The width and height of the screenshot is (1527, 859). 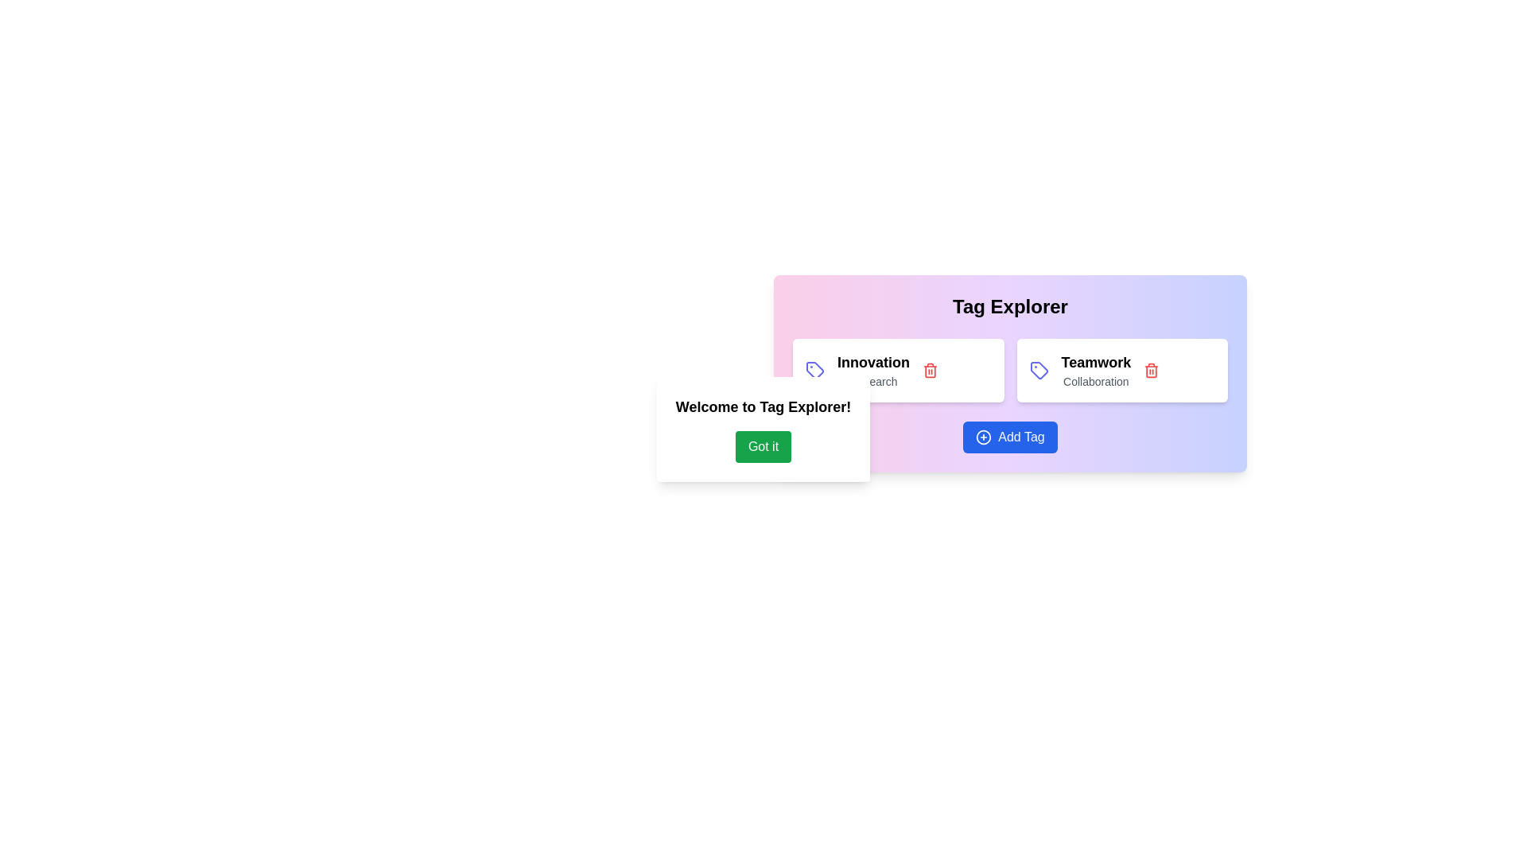 I want to click on the 'Research' text label, which is part of the card component in the 'Tag Explorer' section, located below the 'Innovation' label, so click(x=872, y=381).